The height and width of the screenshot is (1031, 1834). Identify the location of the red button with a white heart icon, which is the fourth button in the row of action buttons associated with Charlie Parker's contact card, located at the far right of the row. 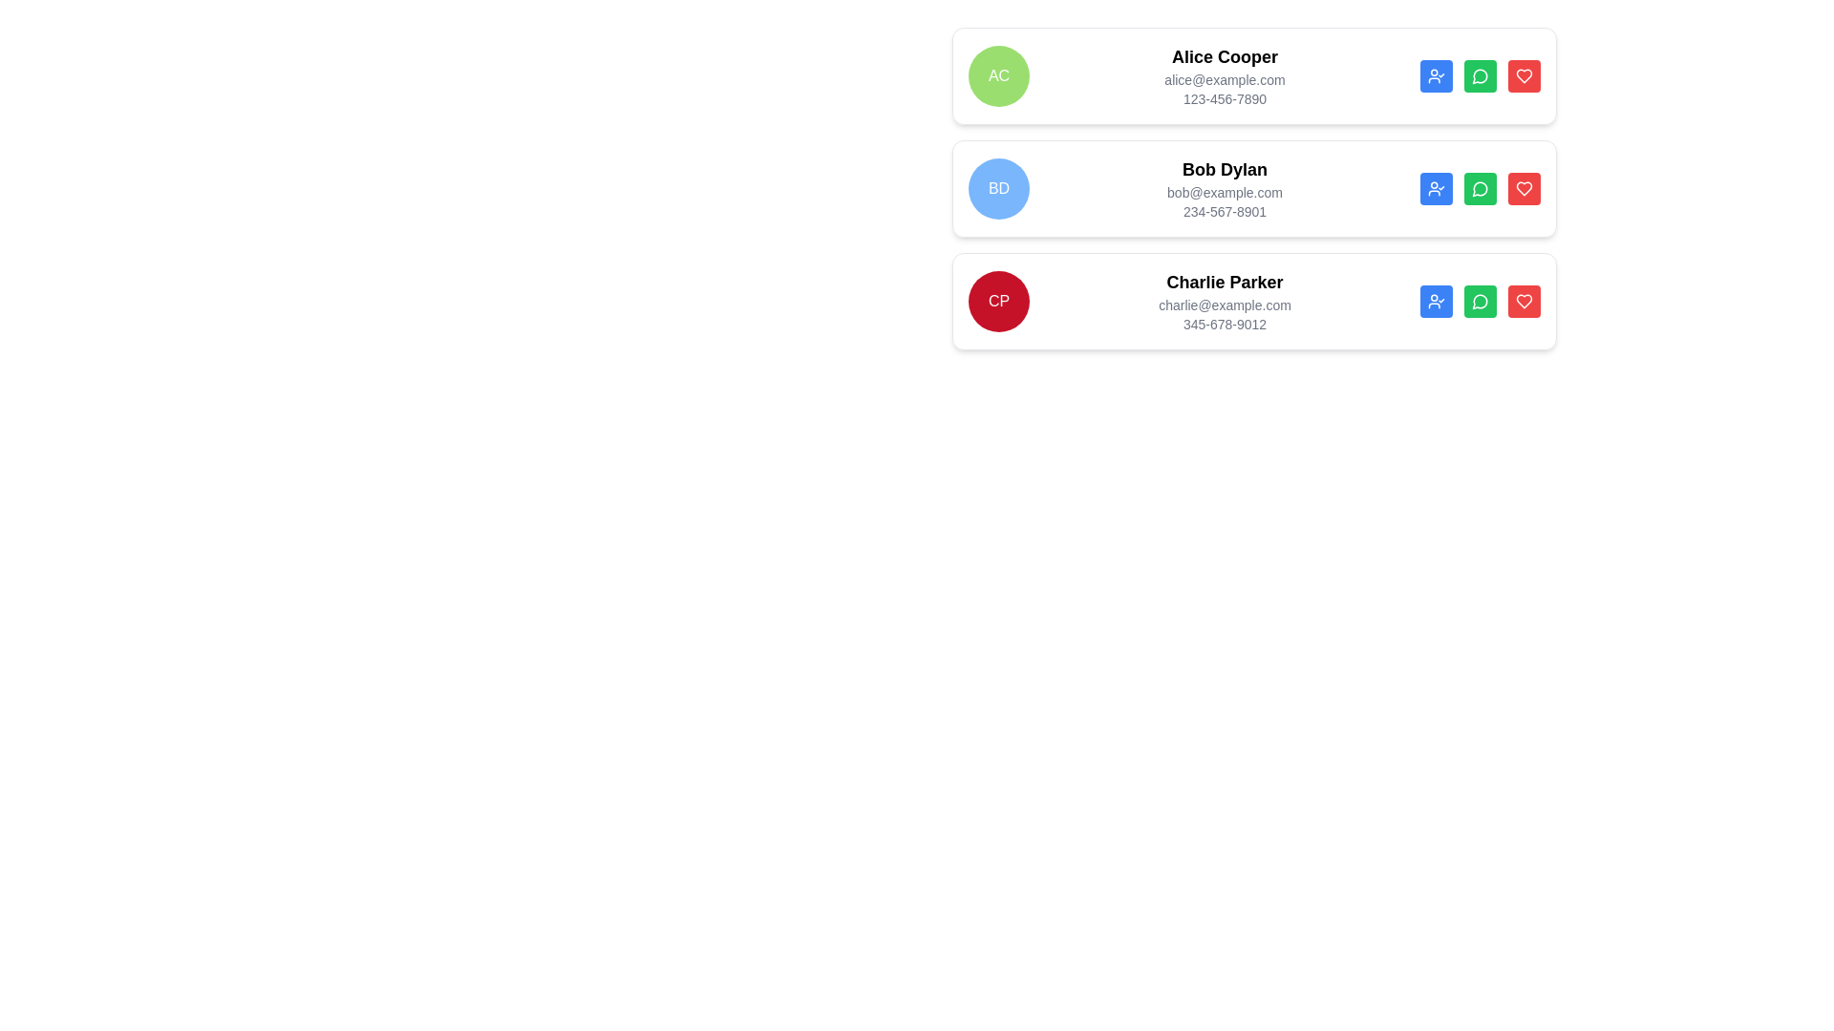
(1524, 75).